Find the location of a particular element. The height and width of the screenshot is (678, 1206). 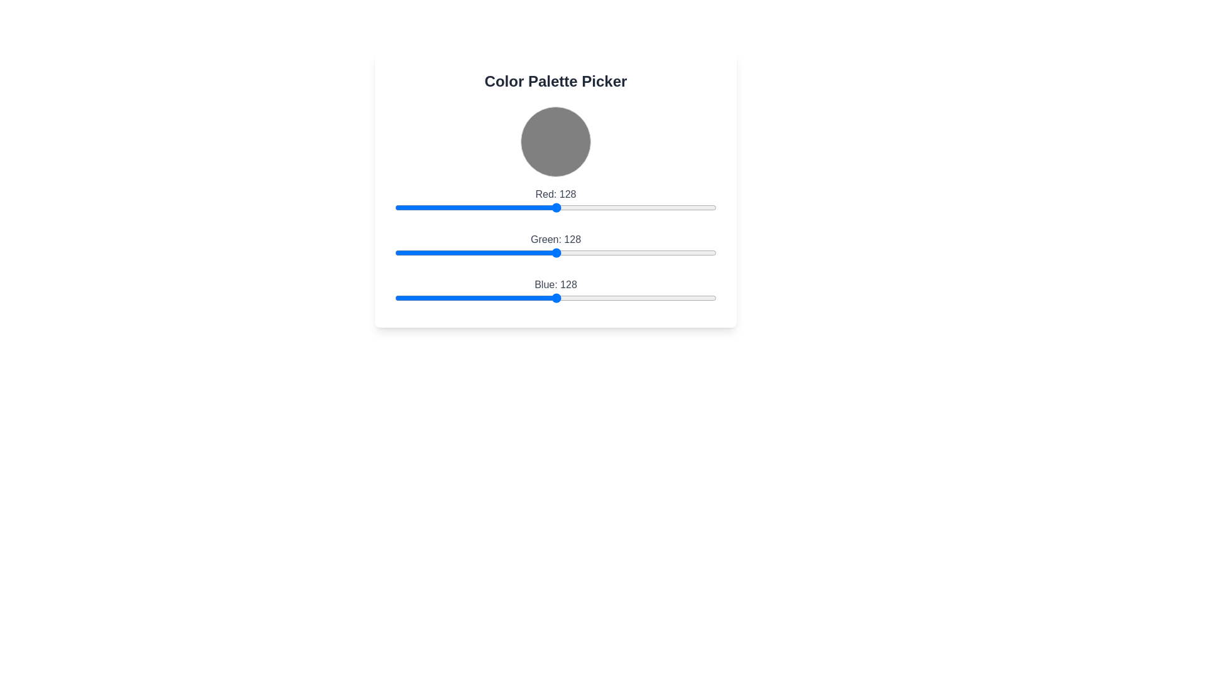

the range slider, which is the first of three stacked sliders located beneath the 'Red: 128' label, to provide visual feedback is located at coordinates (555, 207).